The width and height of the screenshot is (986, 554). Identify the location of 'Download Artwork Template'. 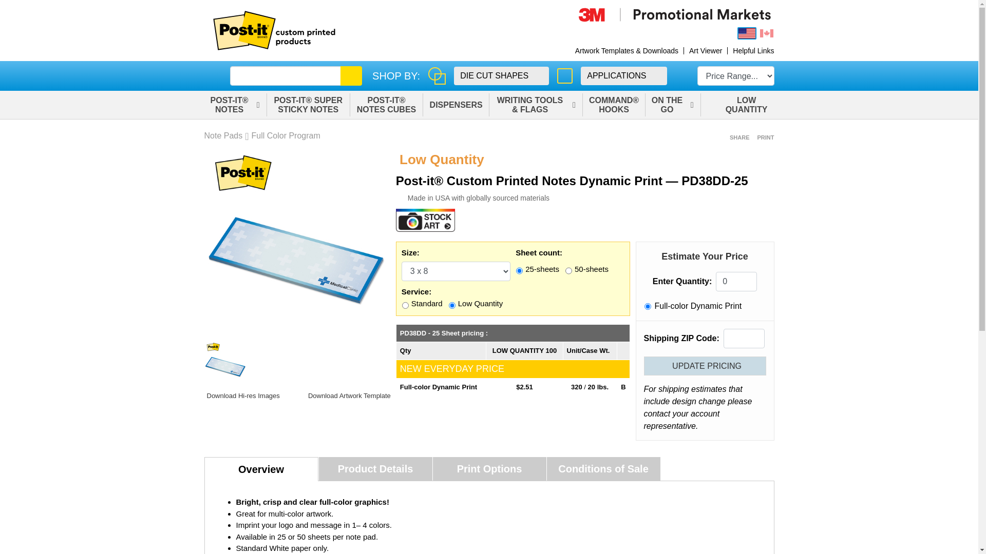
(305, 395).